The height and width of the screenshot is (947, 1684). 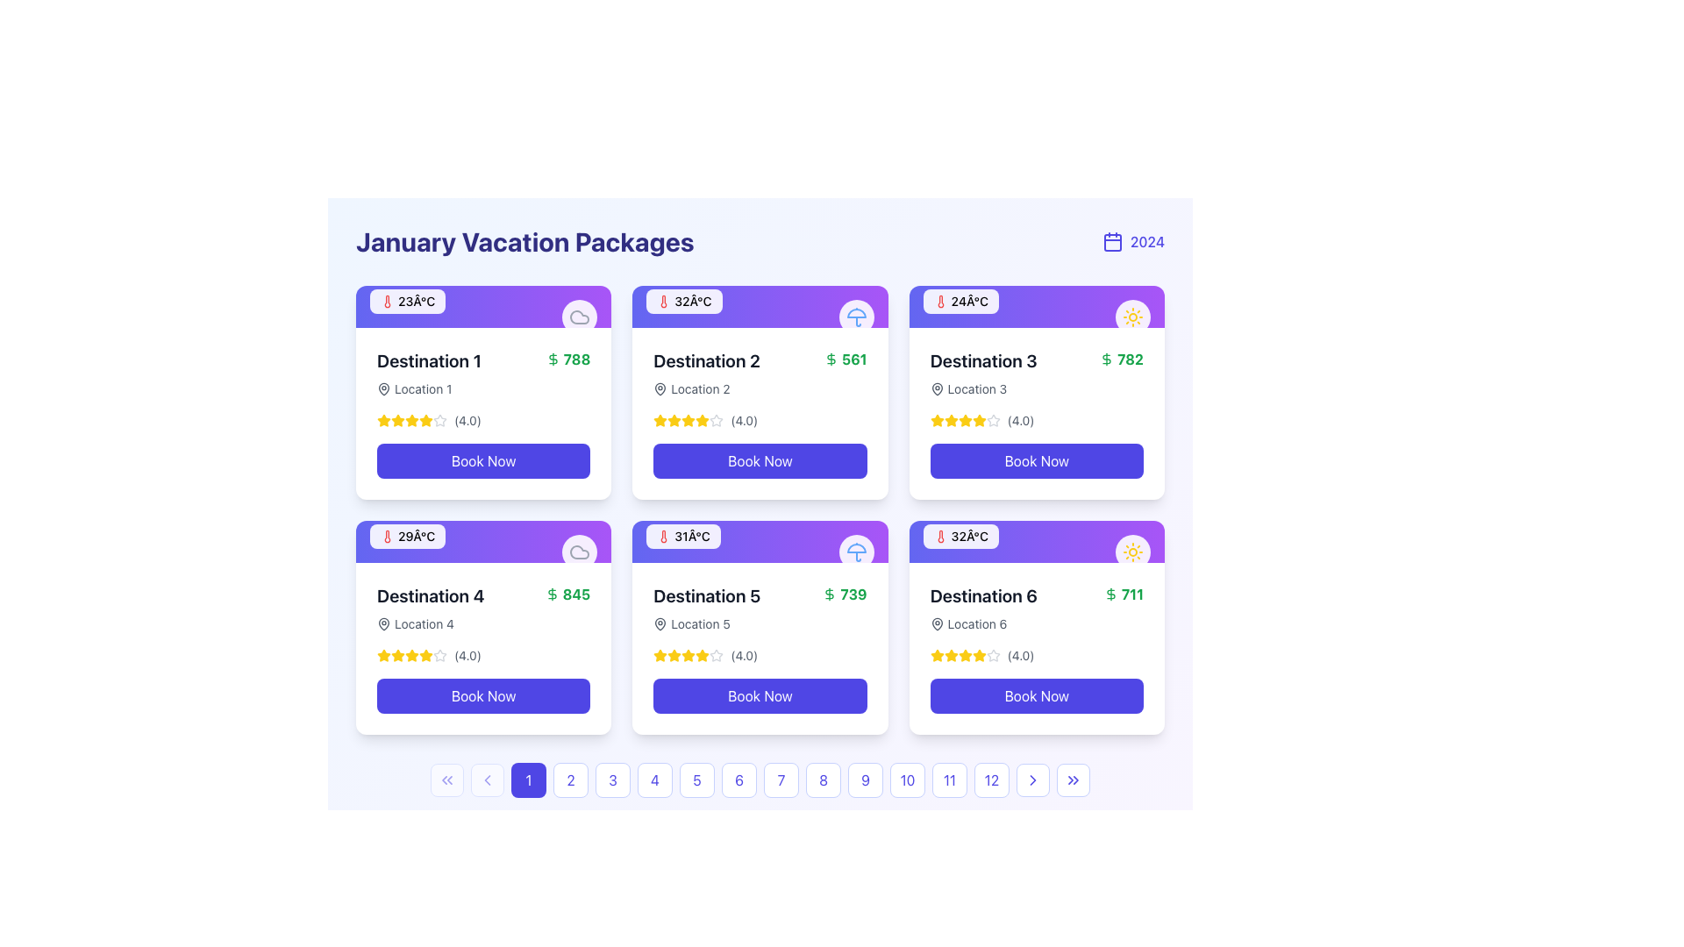 I want to click on the informational component displaying 'Destination 3' with the price '$782' in green, located in the third card of the first row in the grid layout, so click(x=1037, y=372).